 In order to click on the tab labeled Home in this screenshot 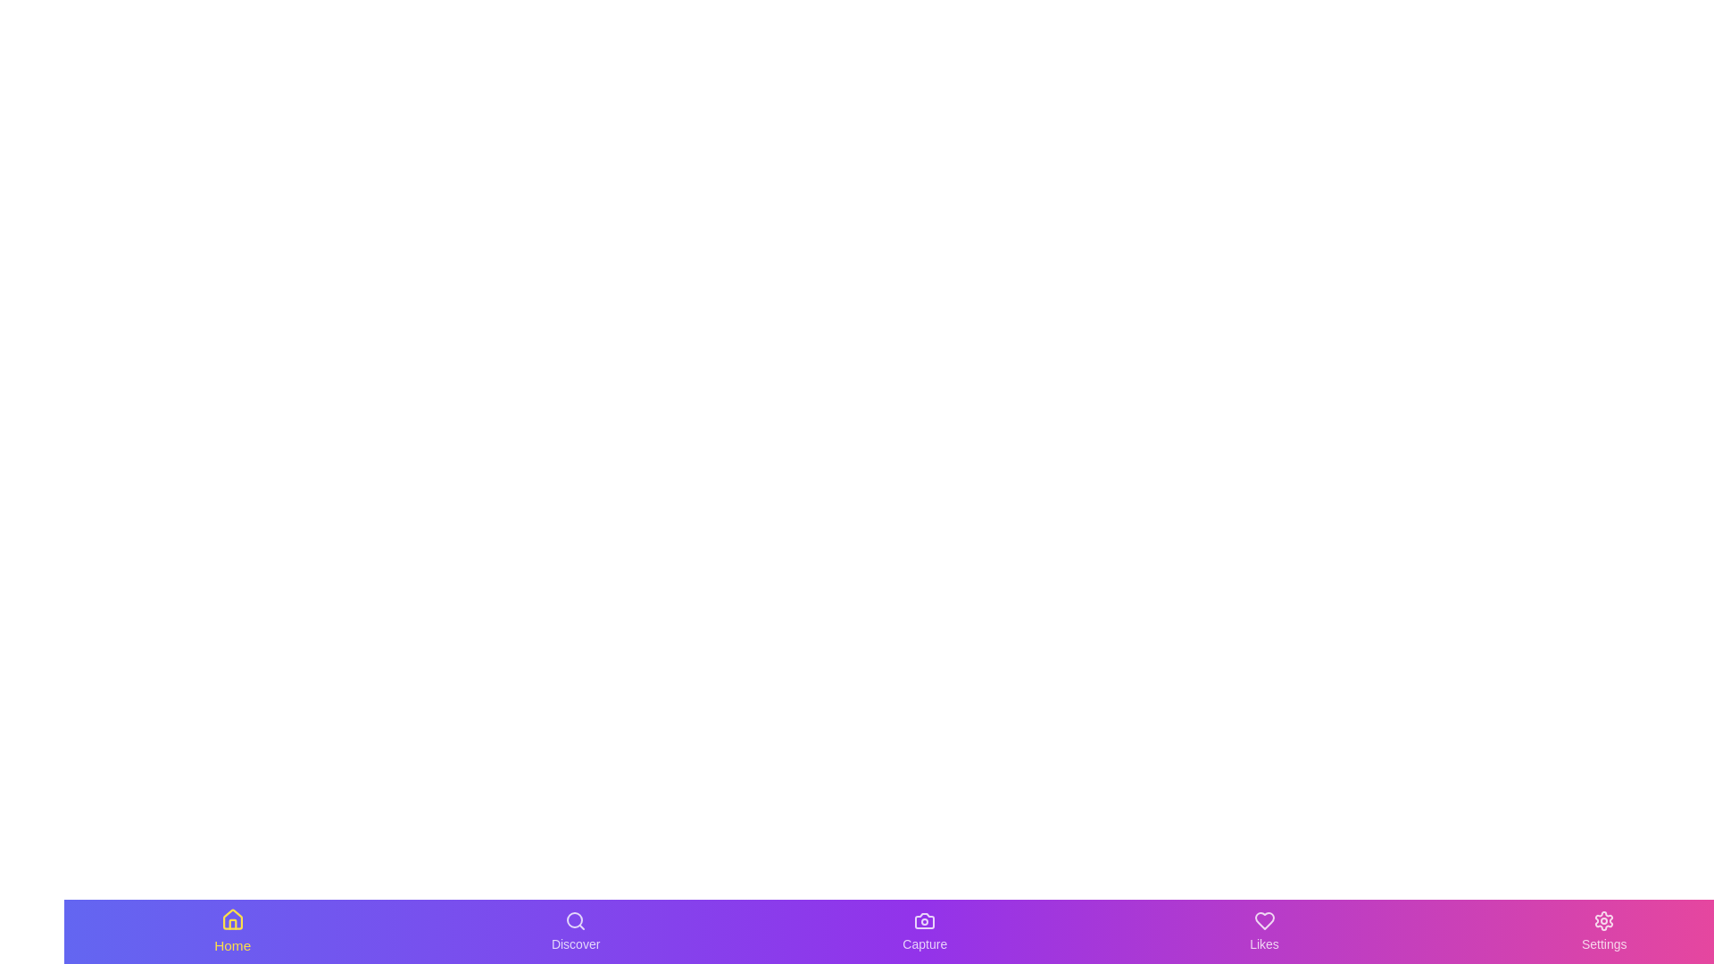, I will do `click(230, 931)`.